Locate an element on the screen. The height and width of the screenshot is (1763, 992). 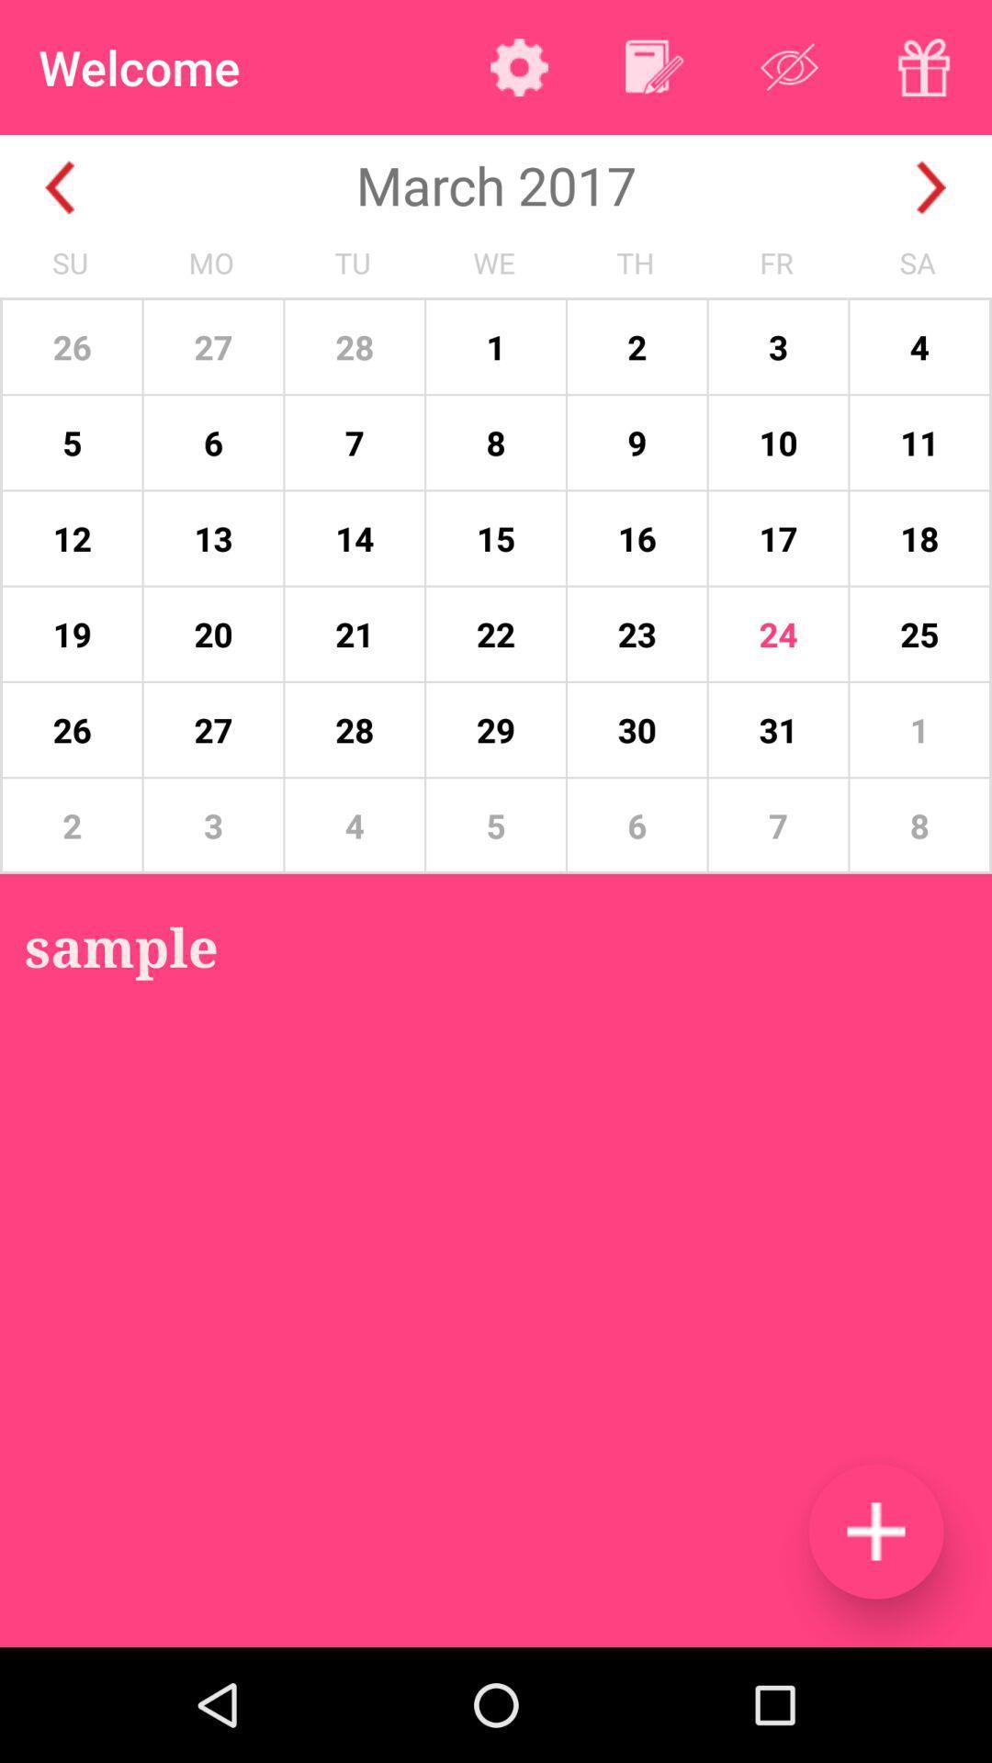
the item below 7 icon is located at coordinates (874, 1532).